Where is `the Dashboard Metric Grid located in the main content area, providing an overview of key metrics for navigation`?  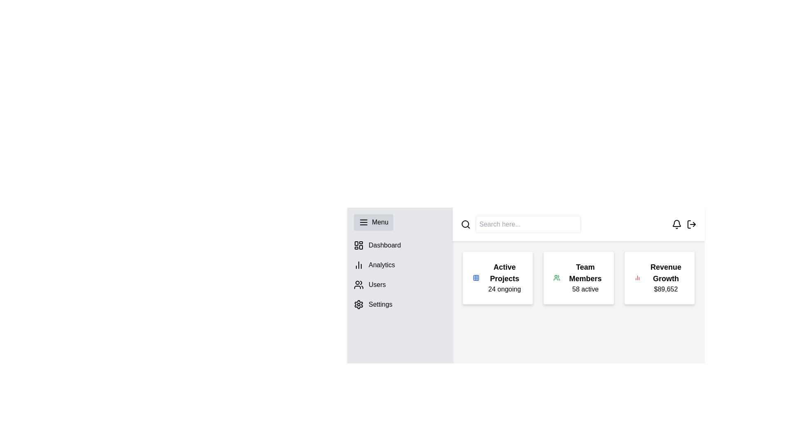
the Dashboard Metric Grid located in the main content area, providing an overview of key metrics for navigation is located at coordinates (578, 277).